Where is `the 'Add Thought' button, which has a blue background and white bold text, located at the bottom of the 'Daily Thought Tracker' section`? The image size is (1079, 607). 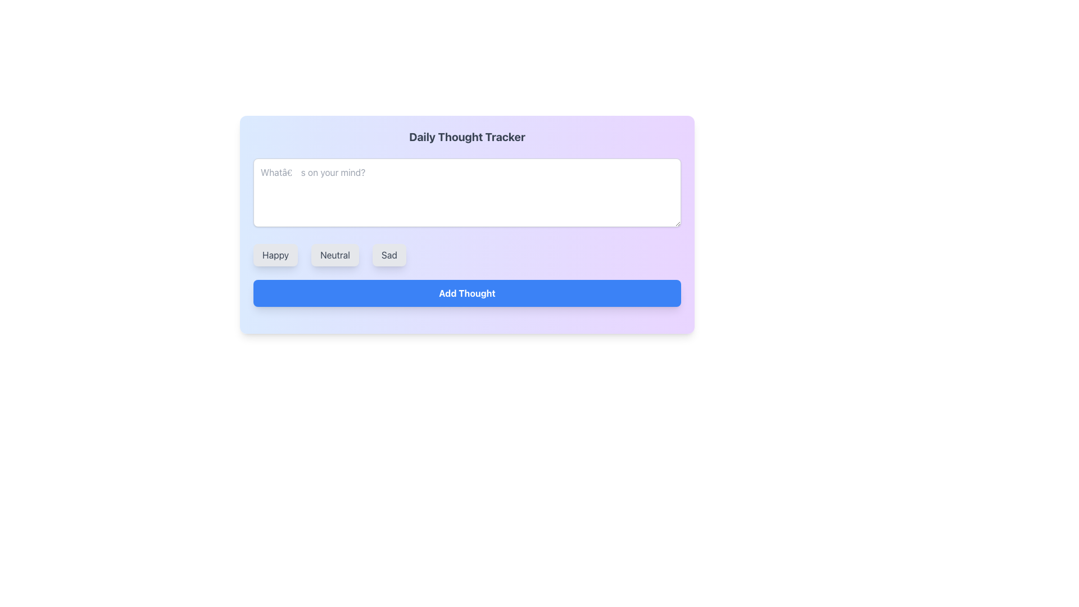
the 'Add Thought' button, which has a blue background and white bold text, located at the bottom of the 'Daily Thought Tracker' section is located at coordinates (467, 292).